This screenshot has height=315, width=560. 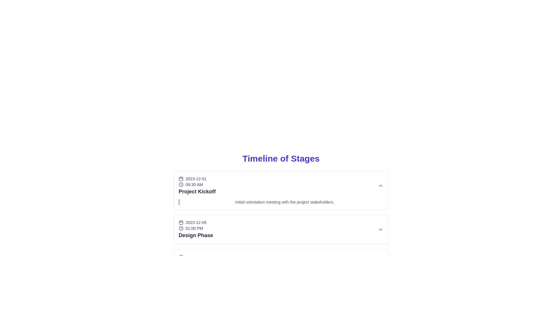 I want to click on the chevron toggle icon located to the right of the text '2023-12-01 09:30 AM Project Kickoff', so click(x=380, y=185).